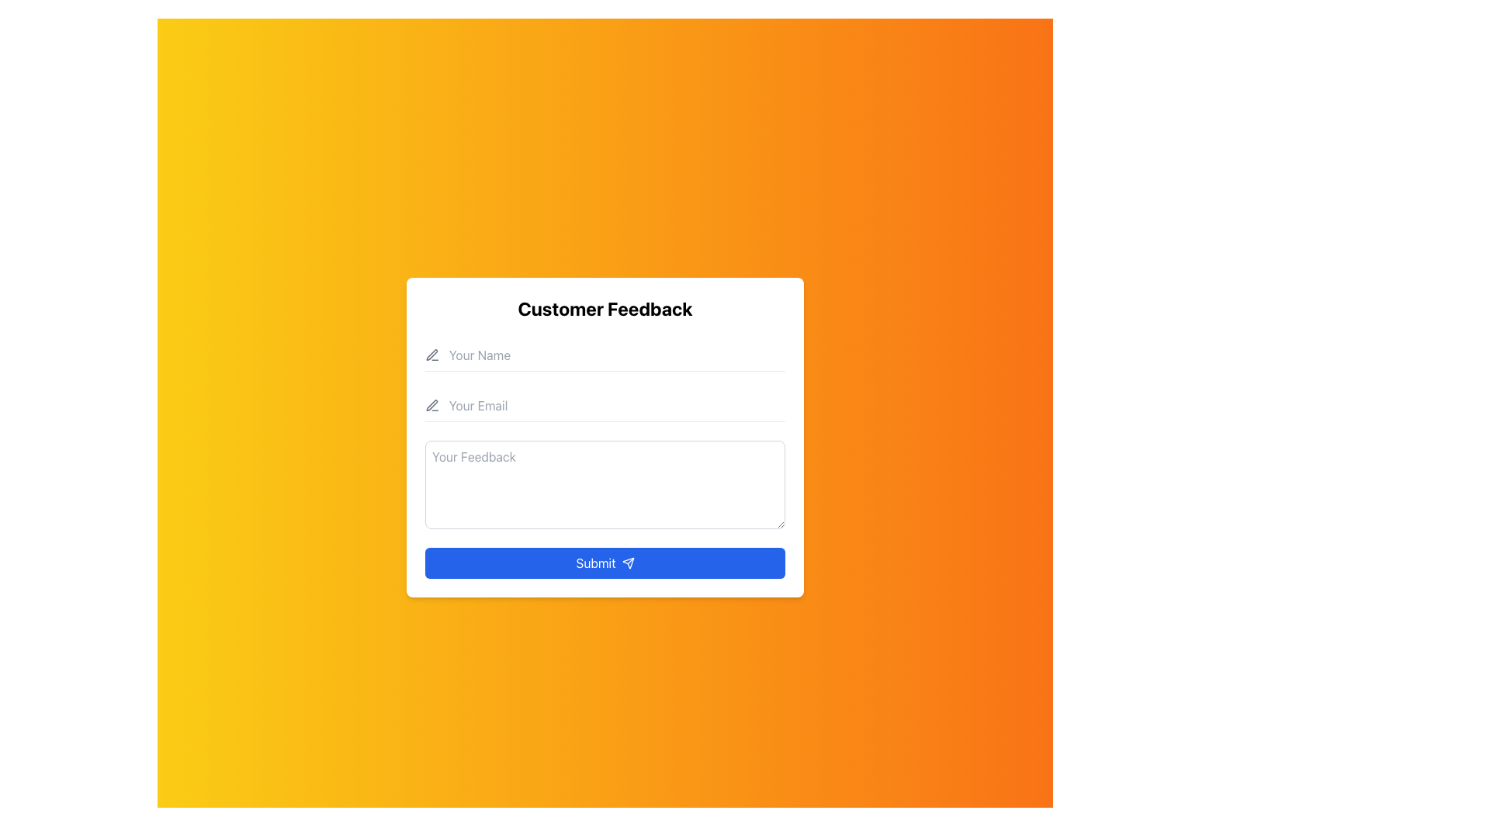 This screenshot has width=1490, height=838. I want to click on the 'Submit' button at the bottom of the form, so click(604, 563).